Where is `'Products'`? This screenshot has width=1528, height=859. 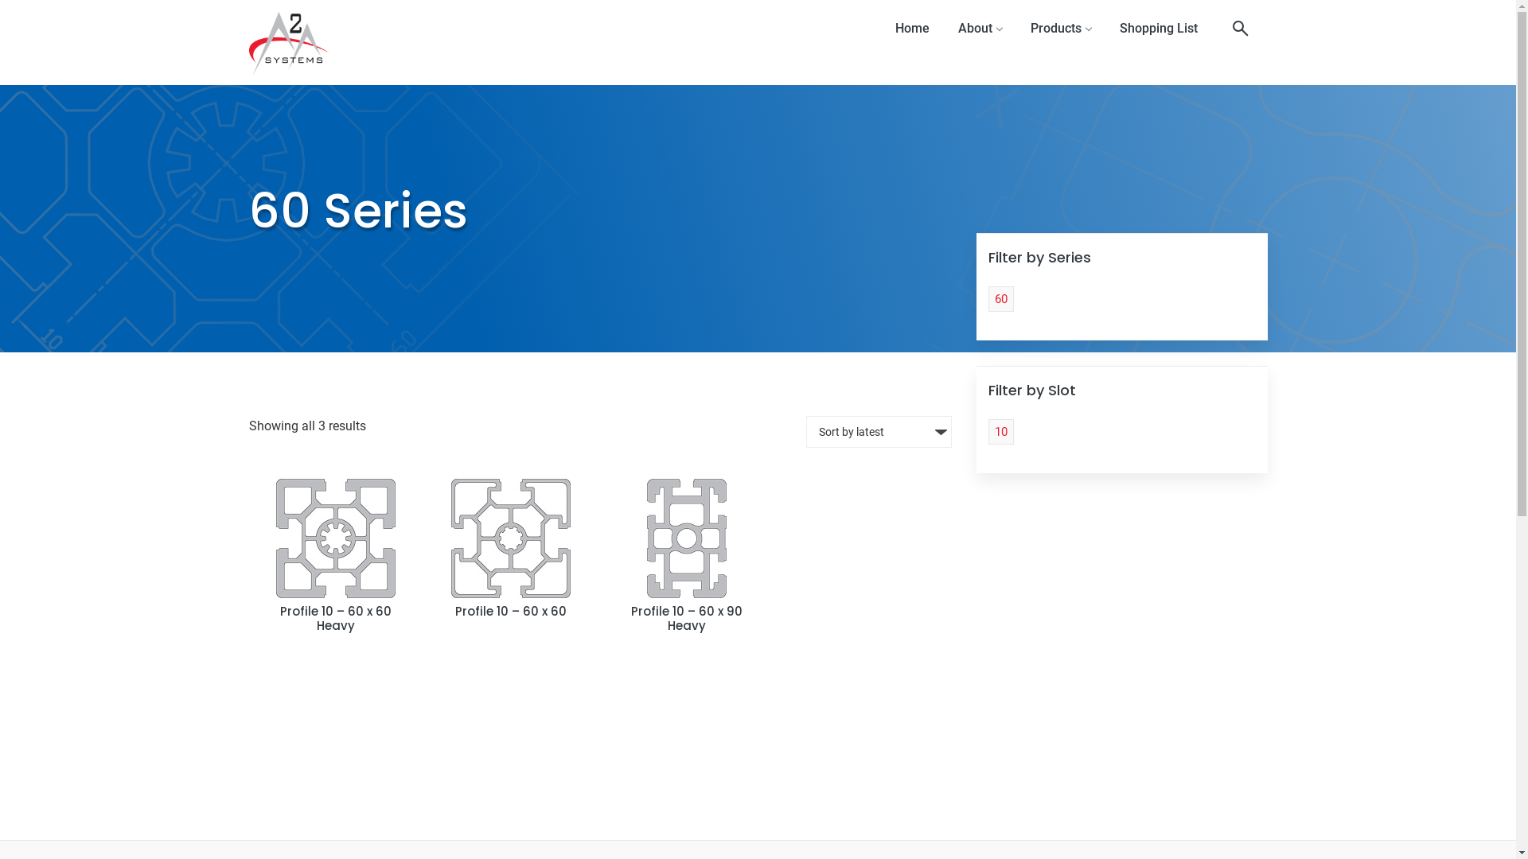
'Products' is located at coordinates (1059, 27).